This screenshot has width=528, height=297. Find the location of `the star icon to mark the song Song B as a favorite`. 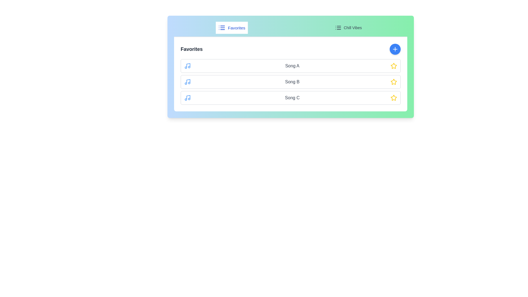

the star icon to mark the song Song B as a favorite is located at coordinates (393, 82).